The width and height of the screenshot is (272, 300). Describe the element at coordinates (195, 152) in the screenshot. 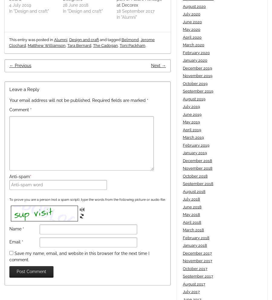

I see `'January 2019'` at that location.